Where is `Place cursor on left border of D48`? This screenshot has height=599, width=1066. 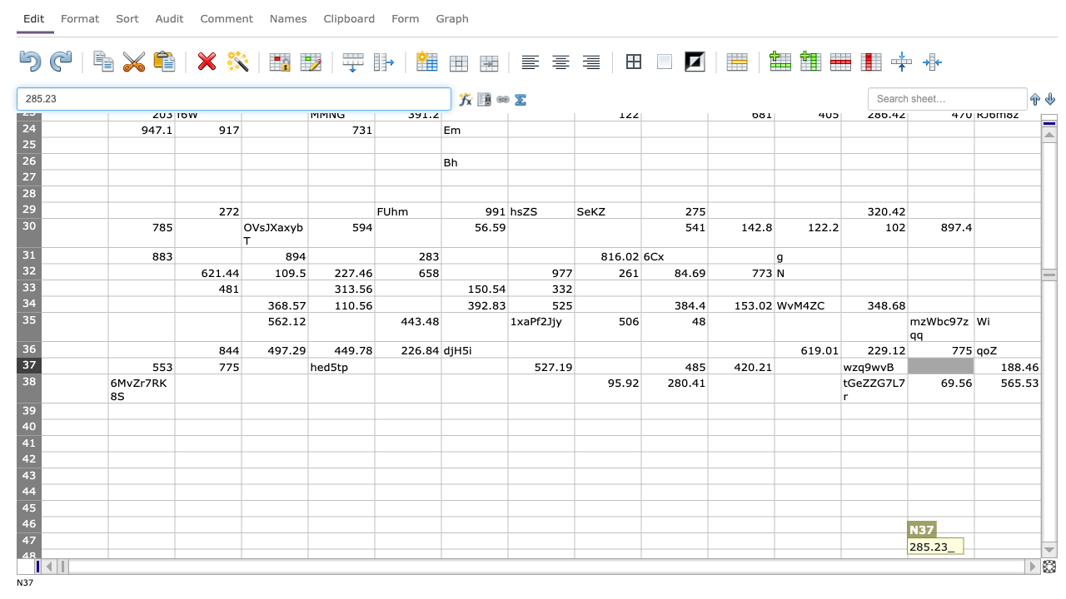 Place cursor on left border of D48 is located at coordinates (241, 557).